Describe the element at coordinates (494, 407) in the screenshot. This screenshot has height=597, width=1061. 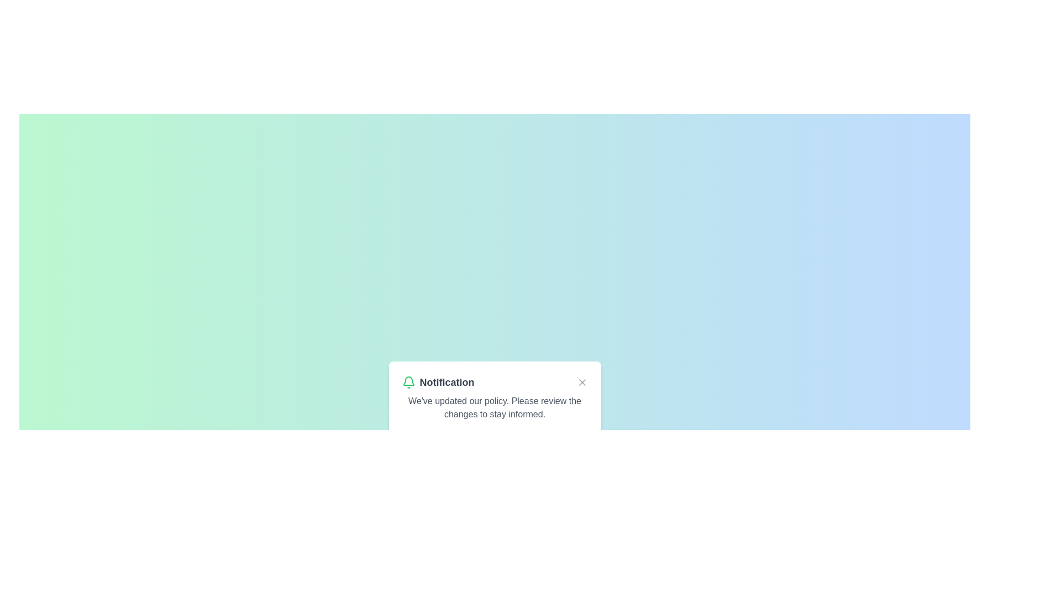
I see `information displayed in the text area of the notification card located below the heading 'Notification' and above the action buttons` at that location.